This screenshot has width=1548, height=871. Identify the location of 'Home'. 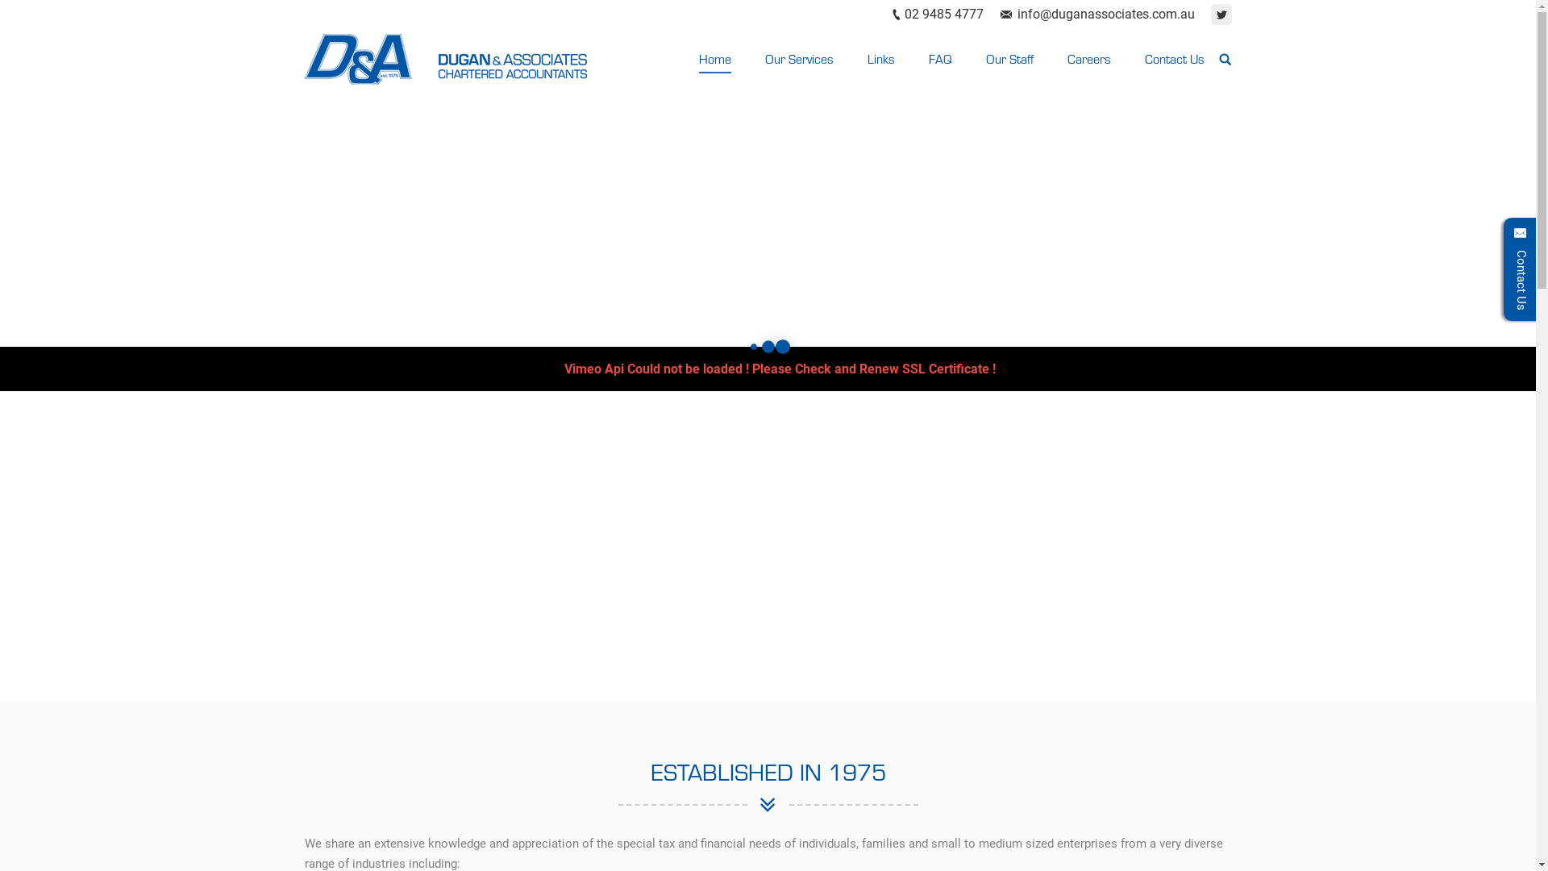
(715, 58).